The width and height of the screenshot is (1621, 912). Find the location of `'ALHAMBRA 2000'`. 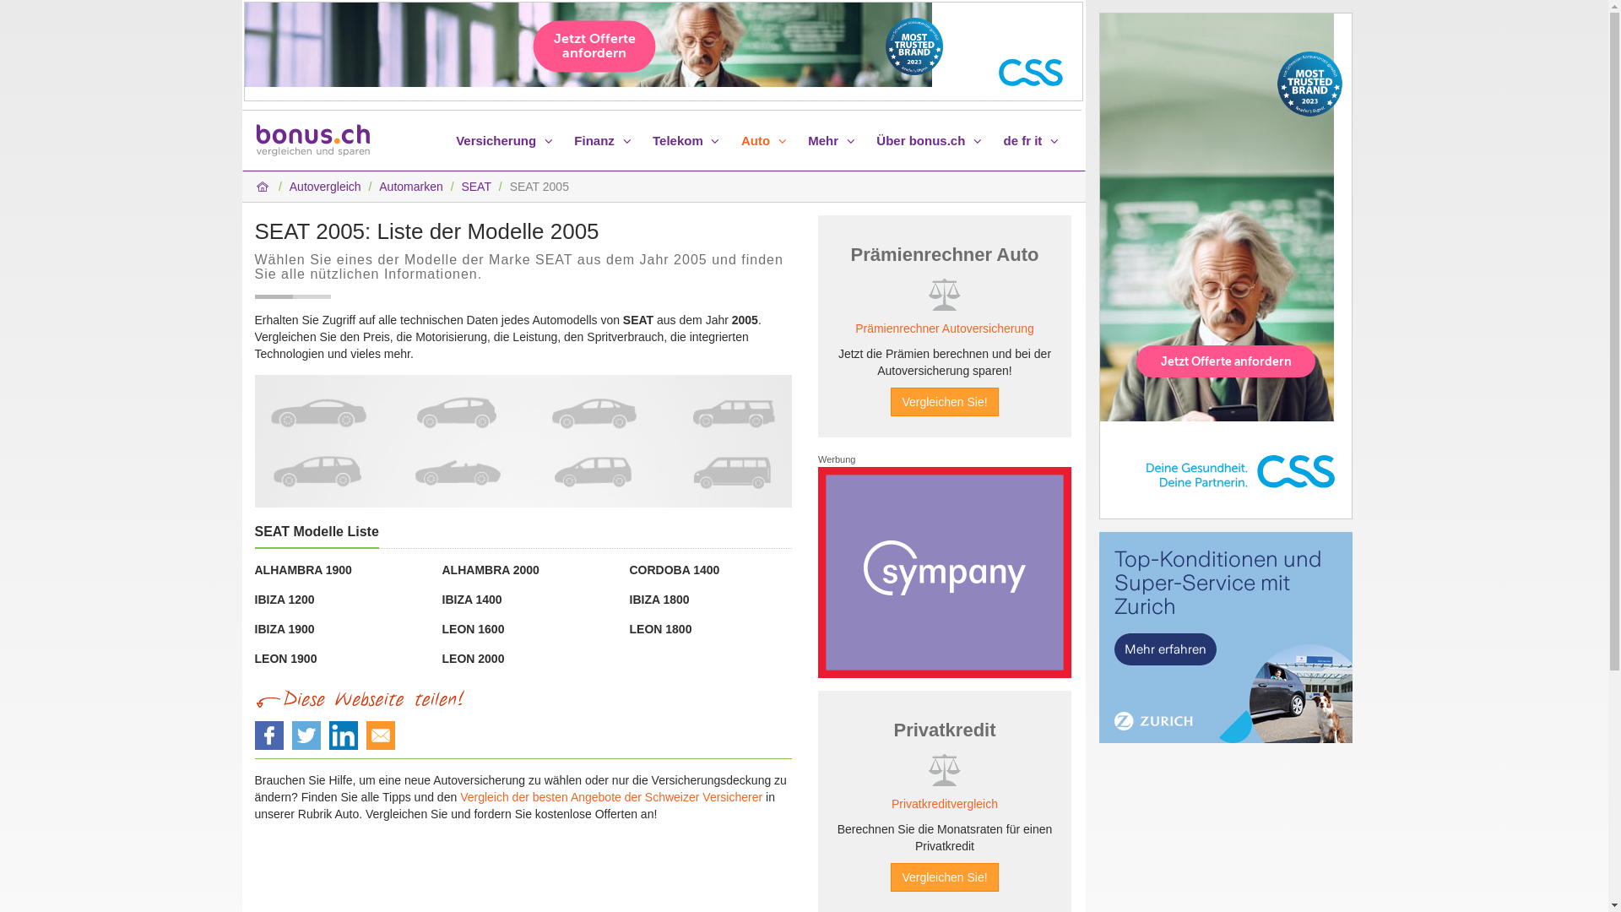

'ALHAMBRA 2000' is located at coordinates (490, 570).